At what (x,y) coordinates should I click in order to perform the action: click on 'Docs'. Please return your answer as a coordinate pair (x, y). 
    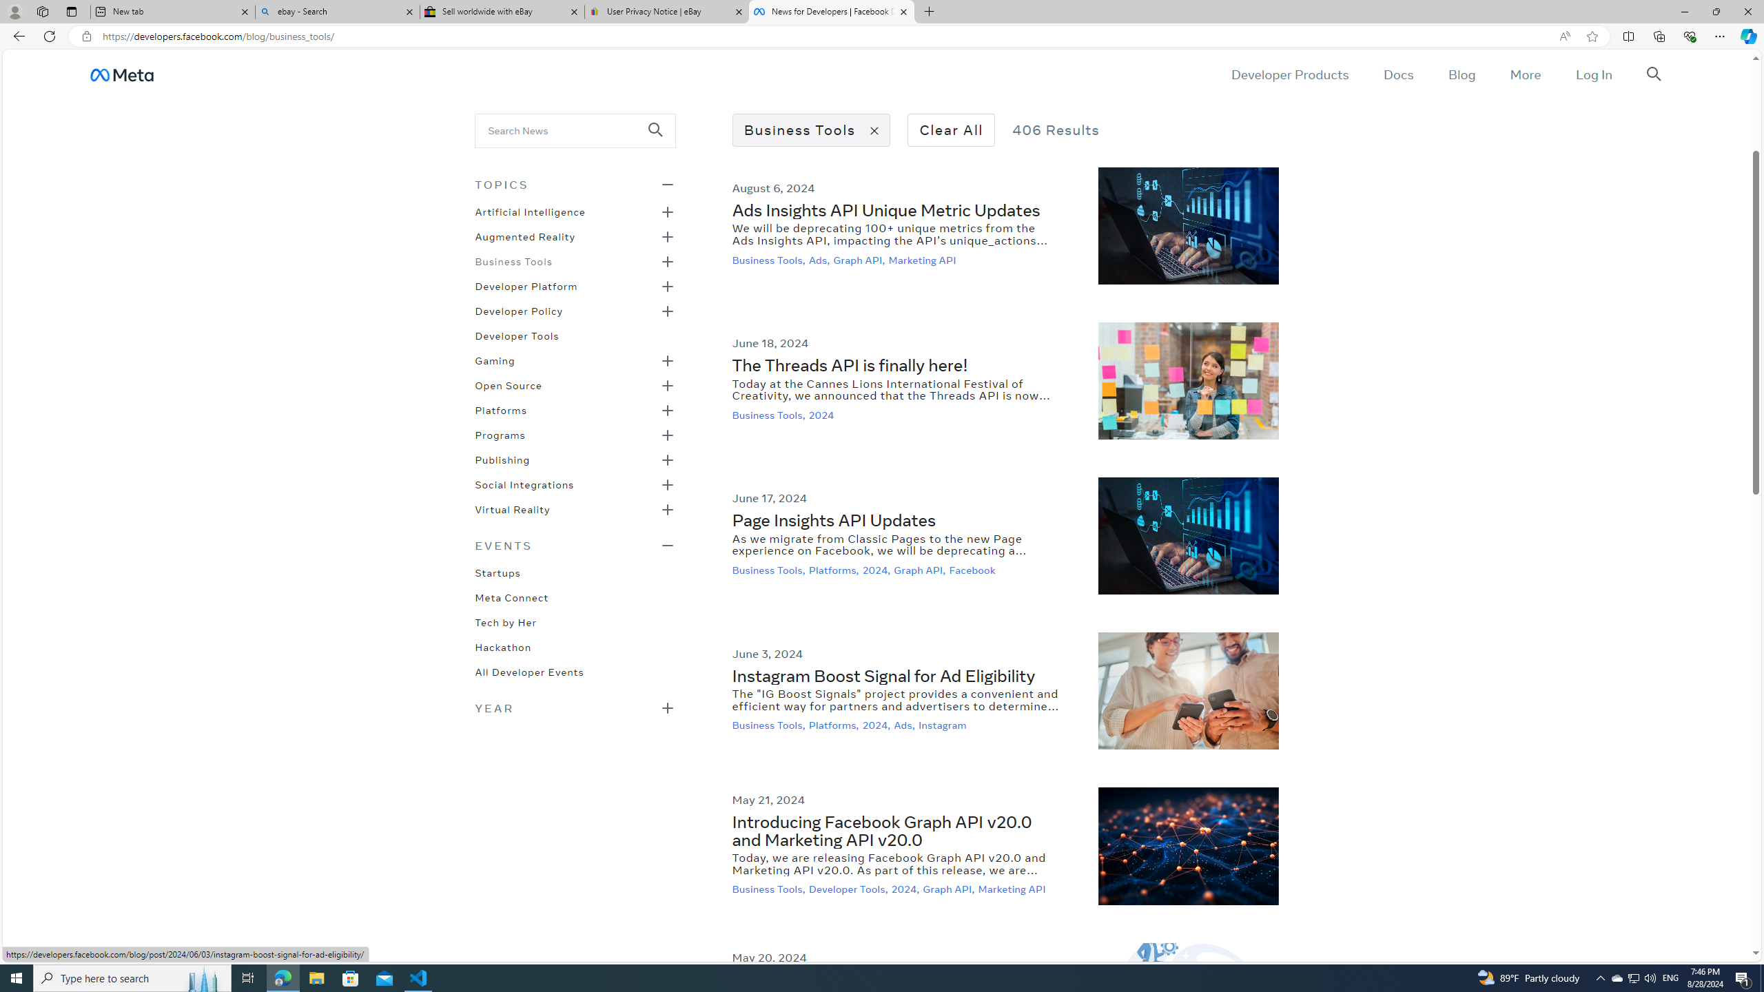
    Looking at the image, I should click on (1397, 74).